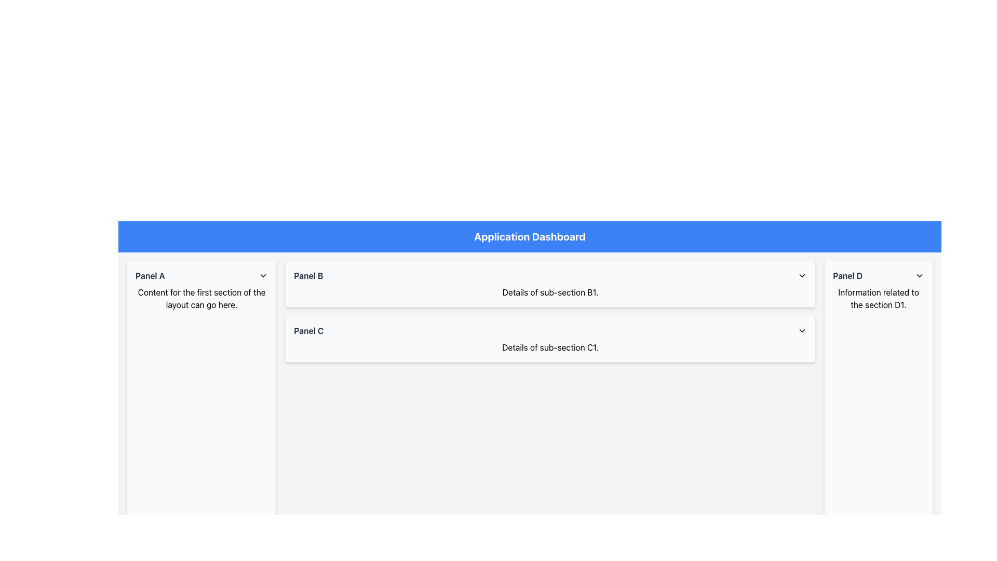 The image size is (997, 561). What do you see at coordinates (550, 292) in the screenshot?
I see `the static text element that contains the text 'Details of sub-section B1.' within the bordered panel labeled 'Panel B'` at bounding box center [550, 292].